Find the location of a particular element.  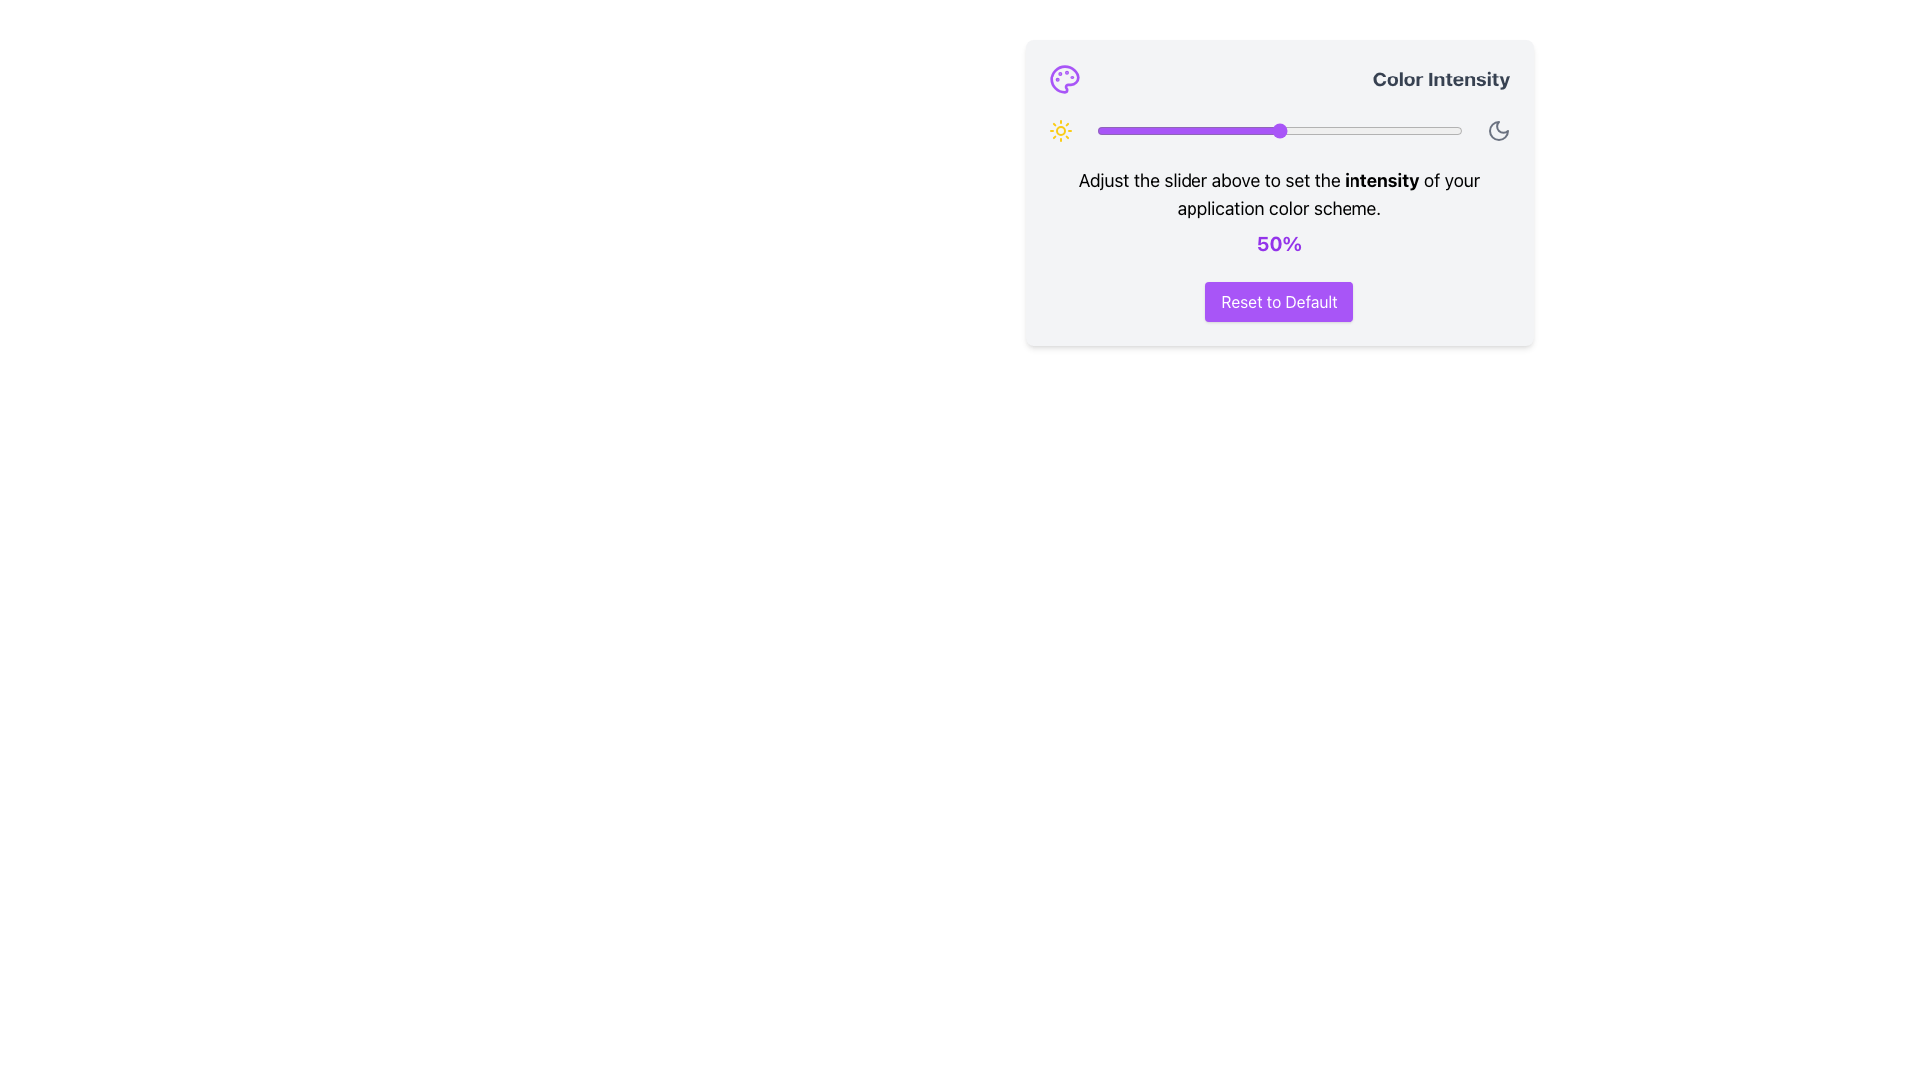

the color intensity slider is located at coordinates (1155, 130).